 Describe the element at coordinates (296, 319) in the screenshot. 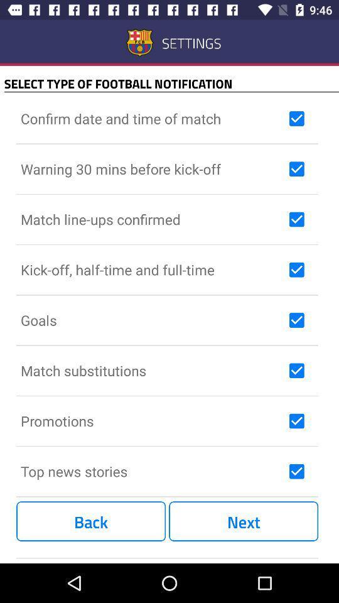

I see `option` at that location.